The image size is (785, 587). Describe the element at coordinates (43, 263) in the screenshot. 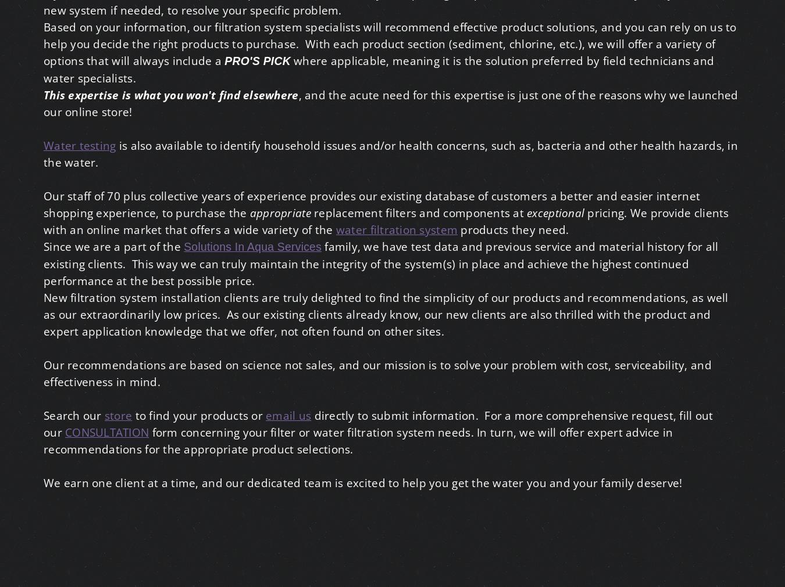

I see `'family, we have test data and previous service and material history for all existing clients.  This way we can truly maintain the integrity of the system(s) in place and achieve the highest continued performance at the best possible price.'` at that location.